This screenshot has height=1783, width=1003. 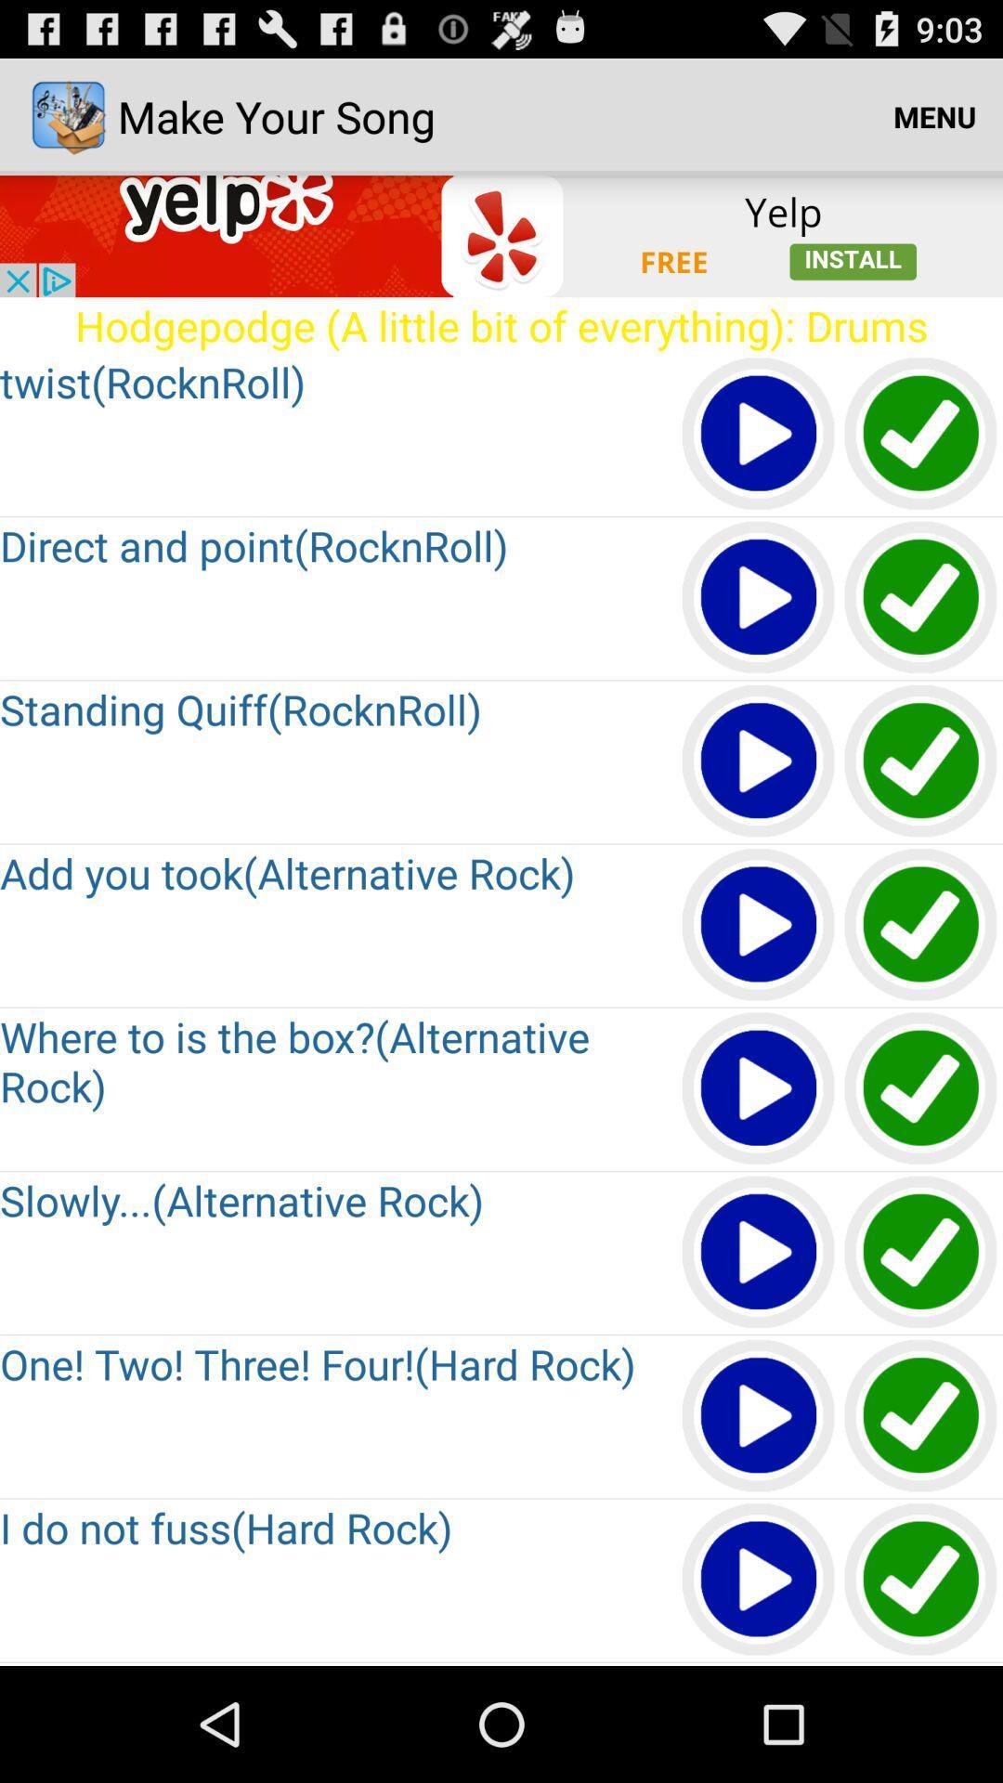 What do you see at coordinates (759, 434) in the screenshot?
I see `play` at bounding box center [759, 434].